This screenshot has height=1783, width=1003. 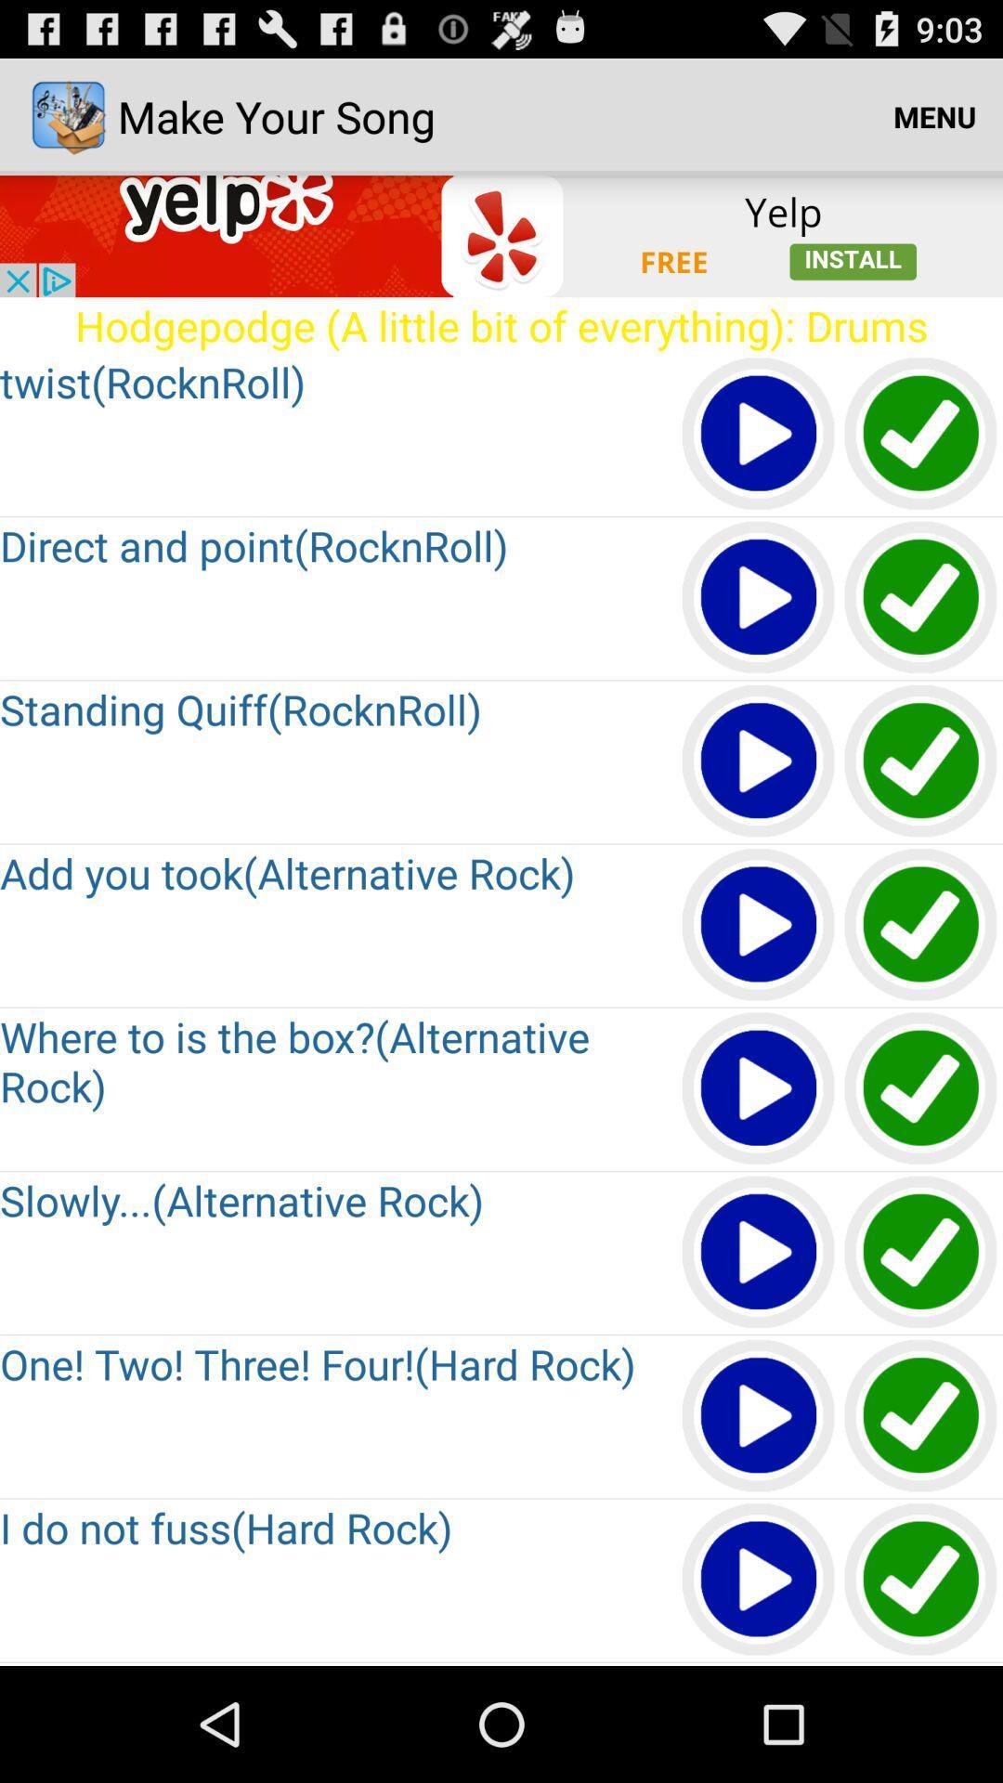 What do you see at coordinates (759, 434) in the screenshot?
I see `play` at bounding box center [759, 434].